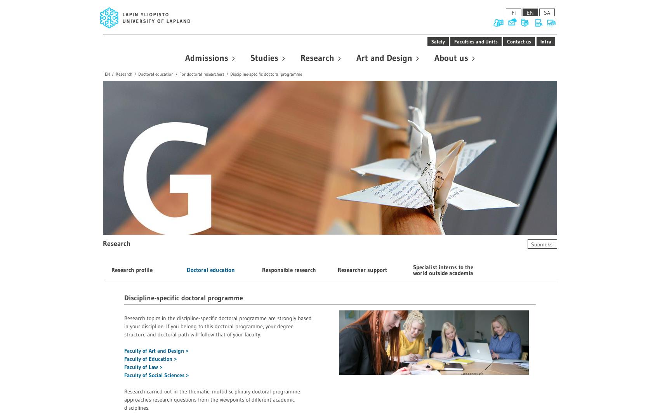  I want to click on 'Research topics in the discipline-specific doctoral programme are strongly based in your discipline. If you belong to this doctoral programme, your degree structure and doctoral path will follow that of your faculty:', so click(217, 326).